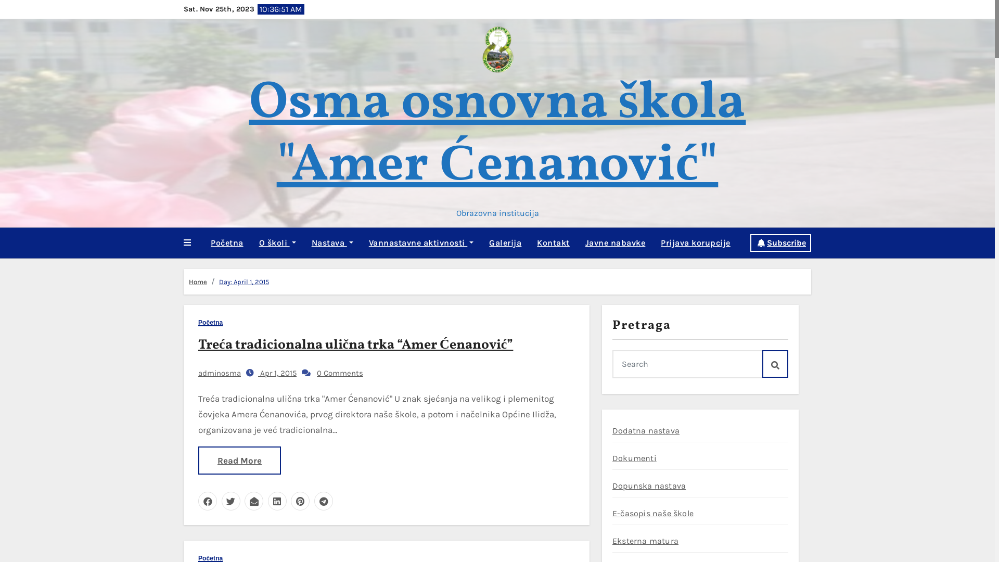 This screenshot has width=999, height=562. What do you see at coordinates (244, 282) in the screenshot?
I see `'Day: April 1, 2015'` at bounding box center [244, 282].